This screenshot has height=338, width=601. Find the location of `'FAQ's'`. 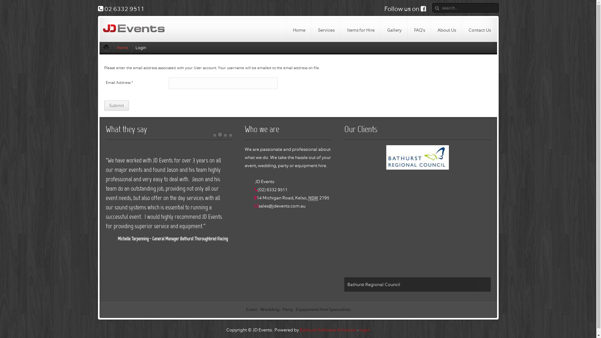

'FAQ's' is located at coordinates (419, 30).